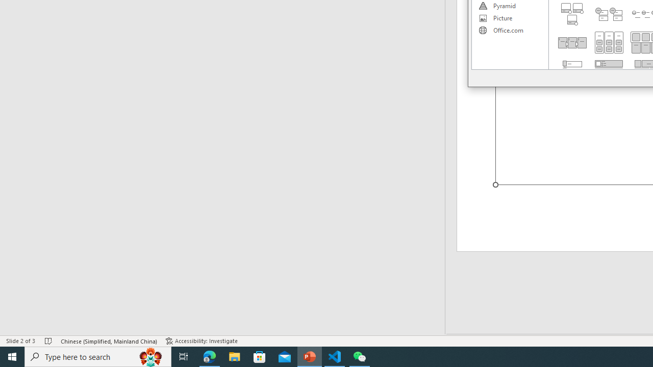 Image resolution: width=653 pixels, height=367 pixels. Describe the element at coordinates (234, 356) in the screenshot. I see `'File Explorer'` at that location.